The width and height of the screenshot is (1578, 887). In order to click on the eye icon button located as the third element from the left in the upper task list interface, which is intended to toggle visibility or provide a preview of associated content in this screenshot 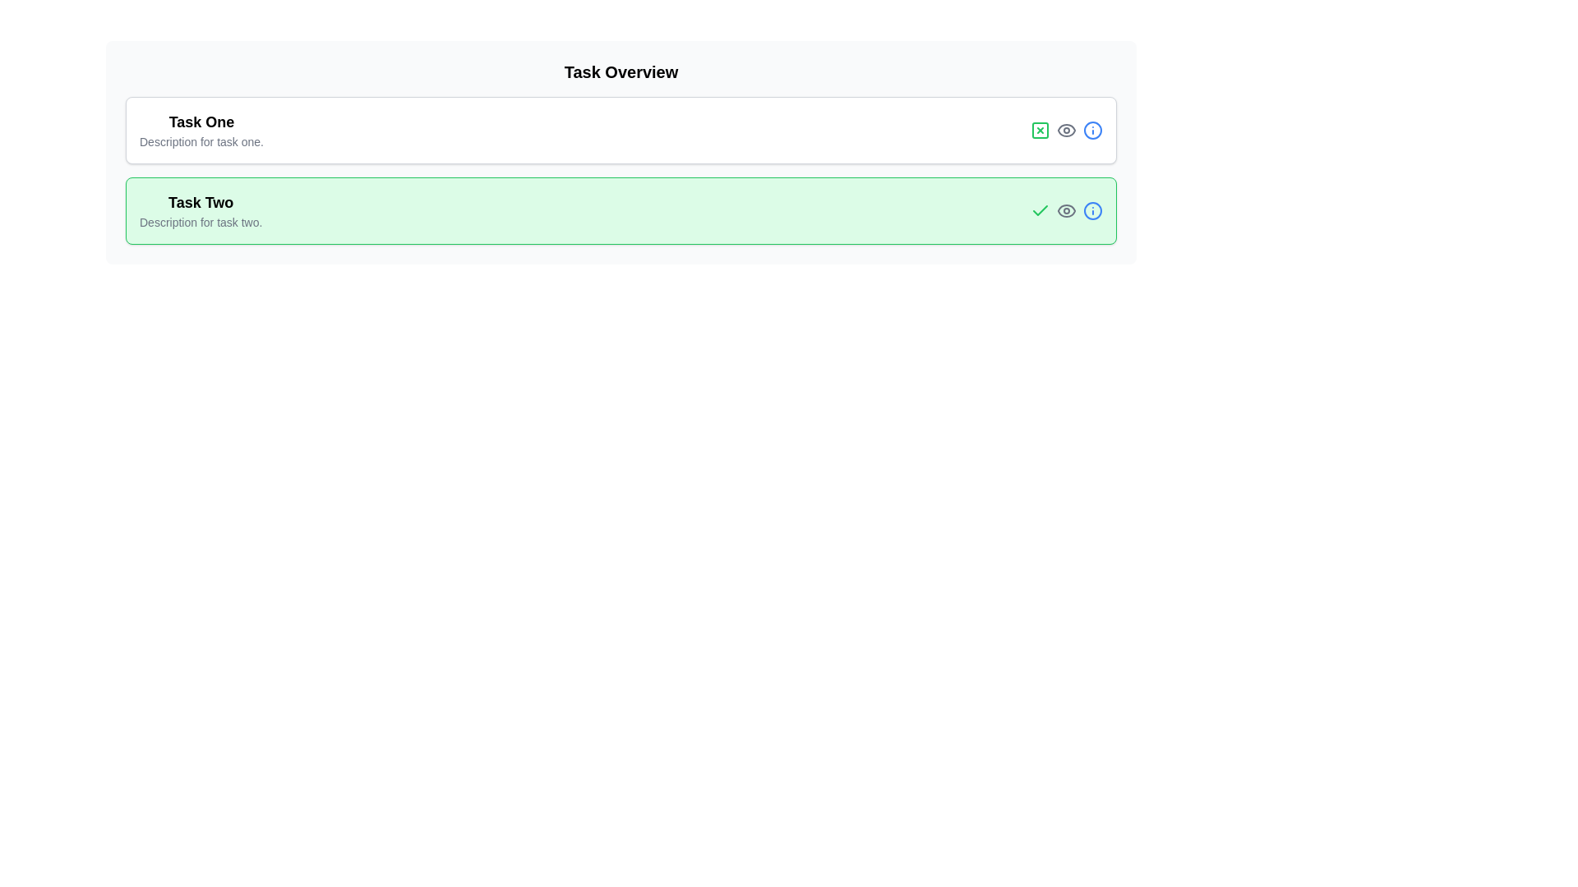, I will do `click(1066, 129)`.